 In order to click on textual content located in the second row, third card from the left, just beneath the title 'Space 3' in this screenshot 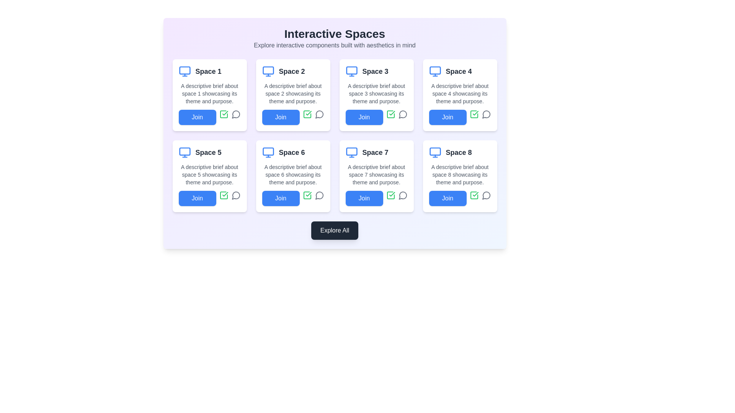, I will do `click(376, 93)`.